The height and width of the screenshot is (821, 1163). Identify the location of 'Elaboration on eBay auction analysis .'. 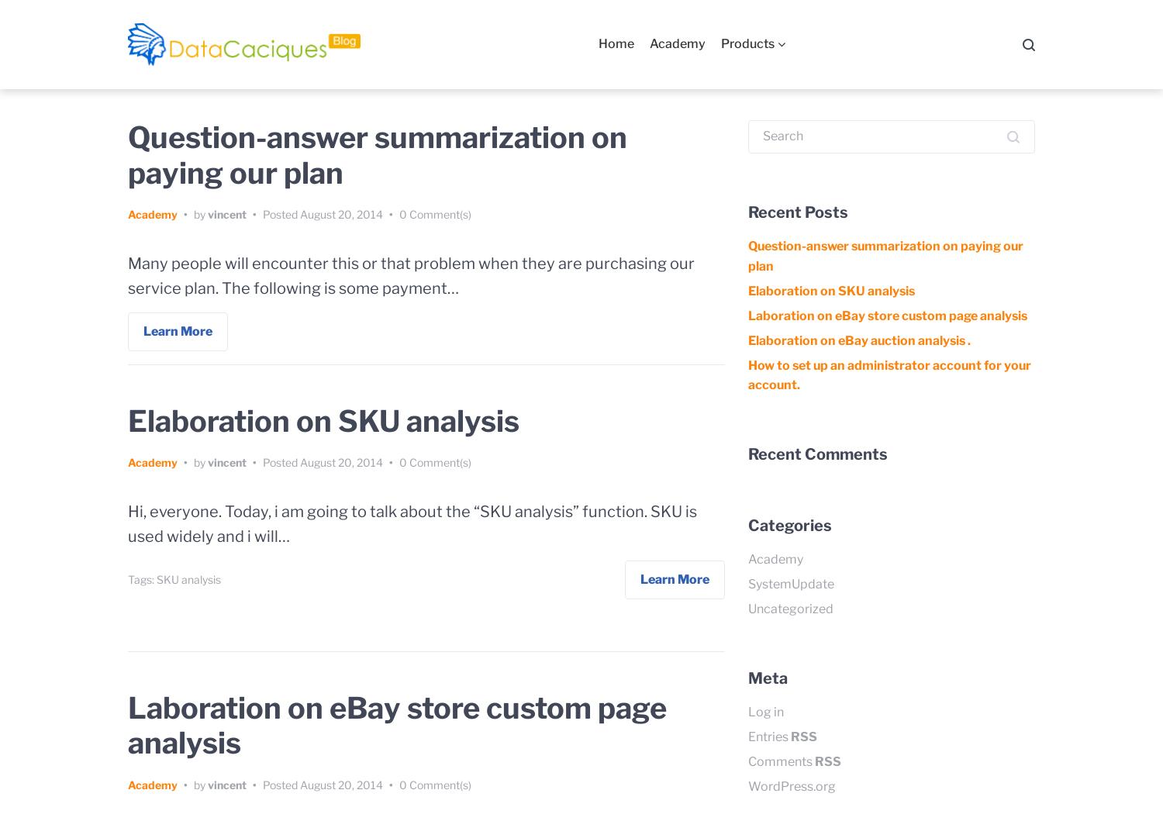
(858, 340).